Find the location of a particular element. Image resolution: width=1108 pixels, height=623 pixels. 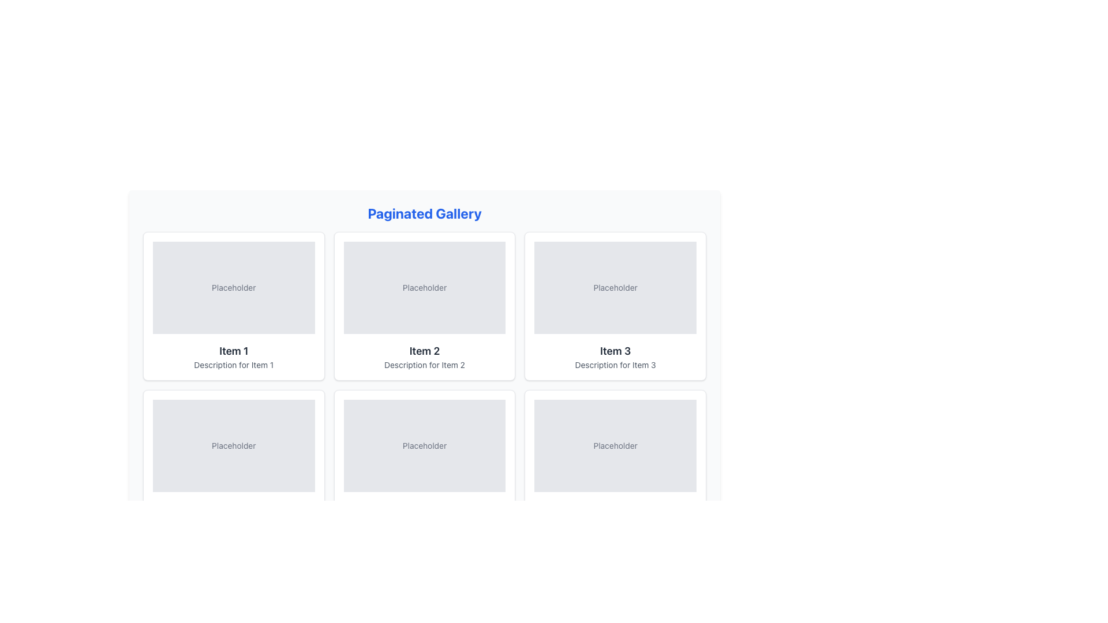

the non-interactive text label that provides a brief description for 'Item 1', located at the bottom of the card labeled 'Item 1' is located at coordinates (233, 365).